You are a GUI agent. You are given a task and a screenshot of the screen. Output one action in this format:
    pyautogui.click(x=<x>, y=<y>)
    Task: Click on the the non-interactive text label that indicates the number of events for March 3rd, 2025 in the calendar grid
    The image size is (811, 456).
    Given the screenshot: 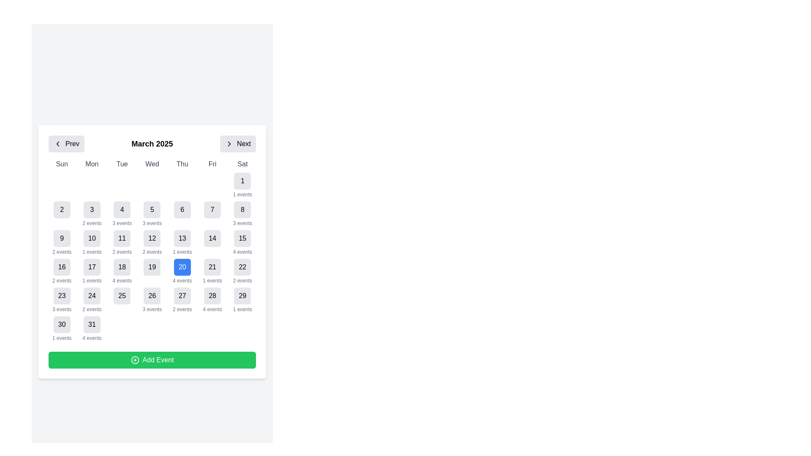 What is the action you would take?
    pyautogui.click(x=92, y=223)
    